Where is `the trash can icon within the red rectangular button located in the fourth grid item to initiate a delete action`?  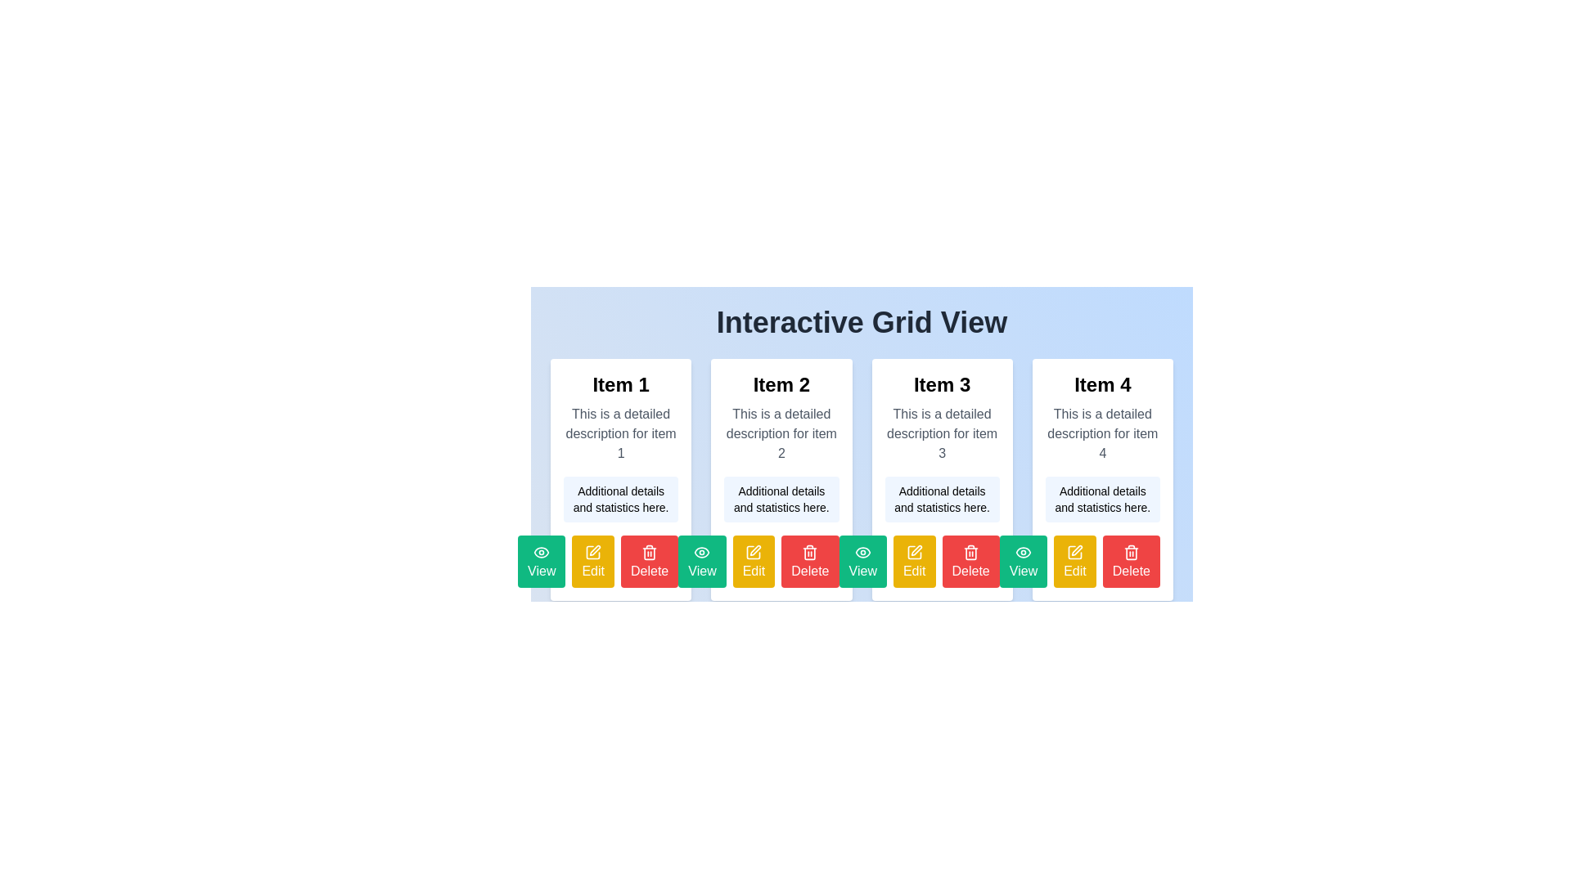 the trash can icon within the red rectangular button located in the fourth grid item to initiate a delete action is located at coordinates (1130, 553).